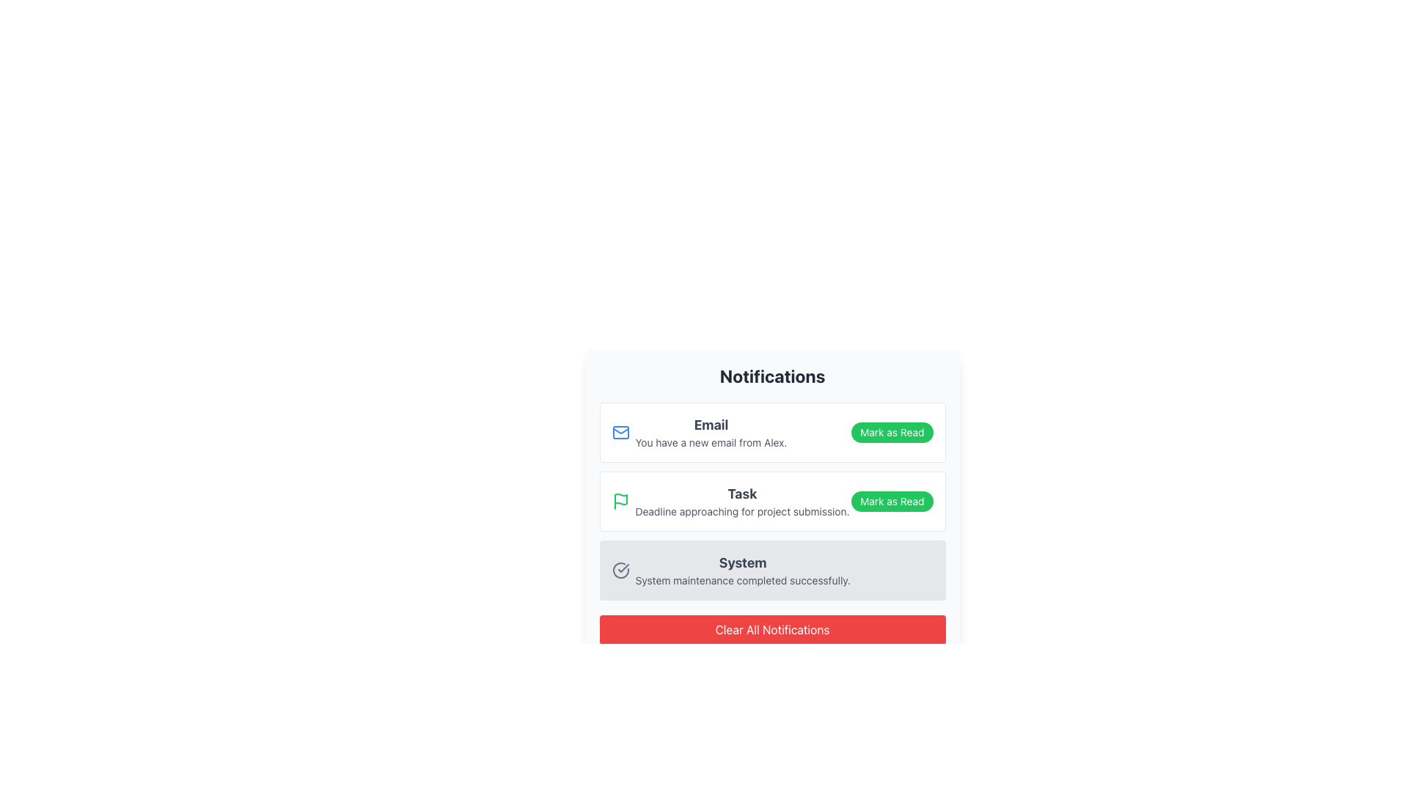 The height and width of the screenshot is (792, 1408). I want to click on the text label displaying 'Task' in bold, large gray font located at the top-left part of the second notification card, so click(742, 494).